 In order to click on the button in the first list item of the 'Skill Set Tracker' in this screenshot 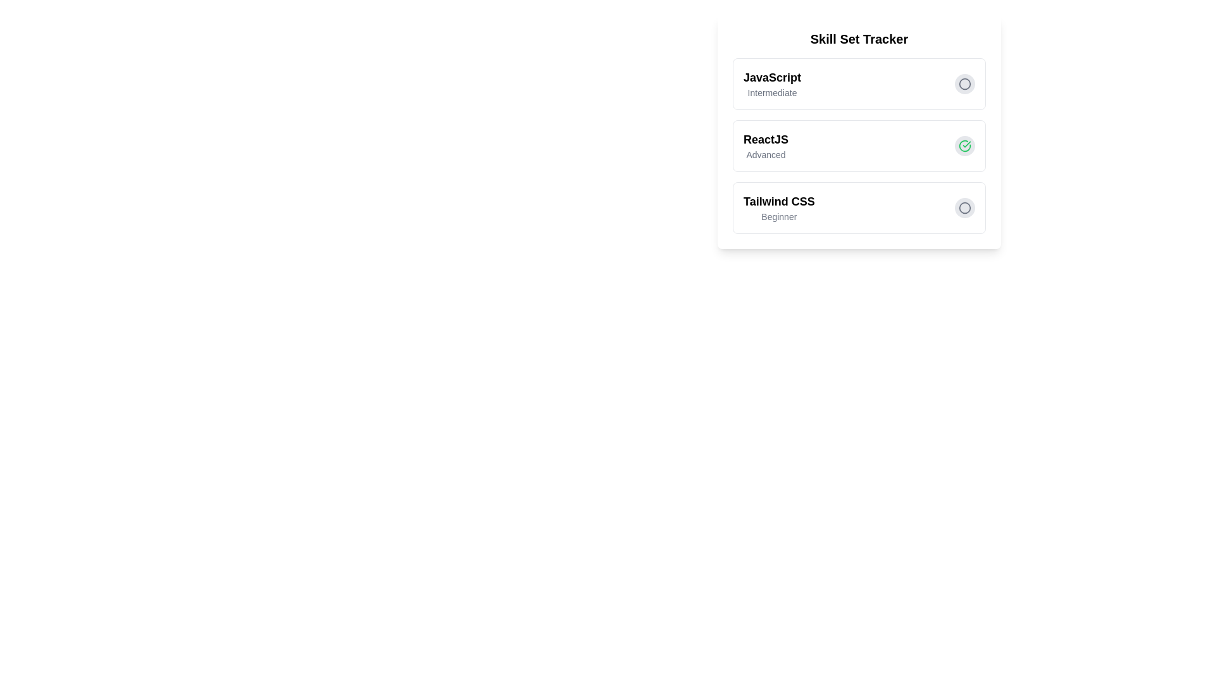, I will do `click(859, 83)`.